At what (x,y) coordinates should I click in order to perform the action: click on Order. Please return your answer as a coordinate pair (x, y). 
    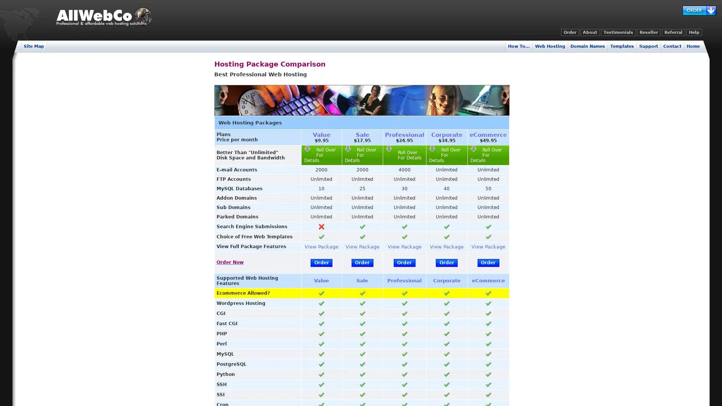
    Looking at the image, I should click on (447, 262).